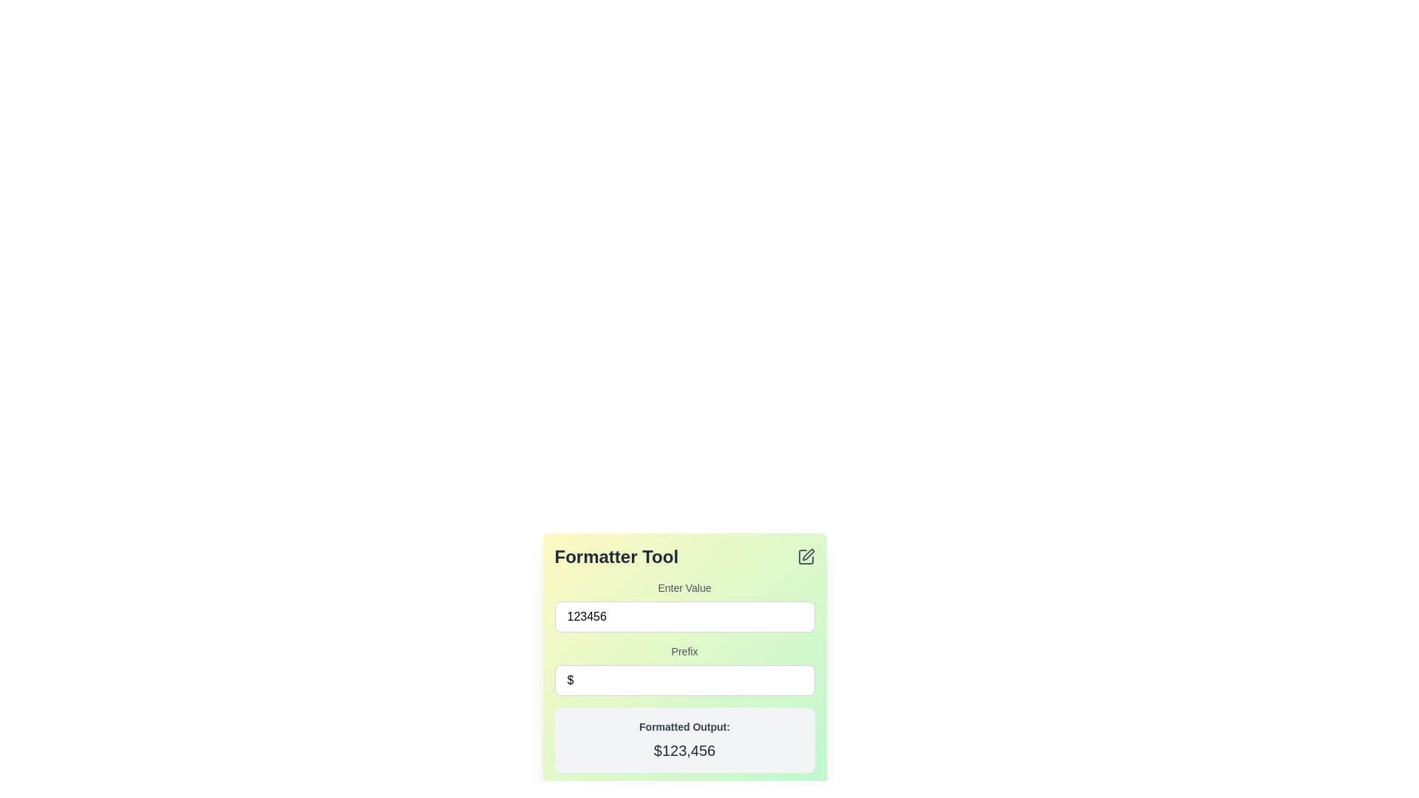 This screenshot has height=798, width=1419. I want to click on the Edit Symbol icon located in the top-right corner of the 'Formatter Tool' panel to initiate an editing interaction, so click(805, 556).